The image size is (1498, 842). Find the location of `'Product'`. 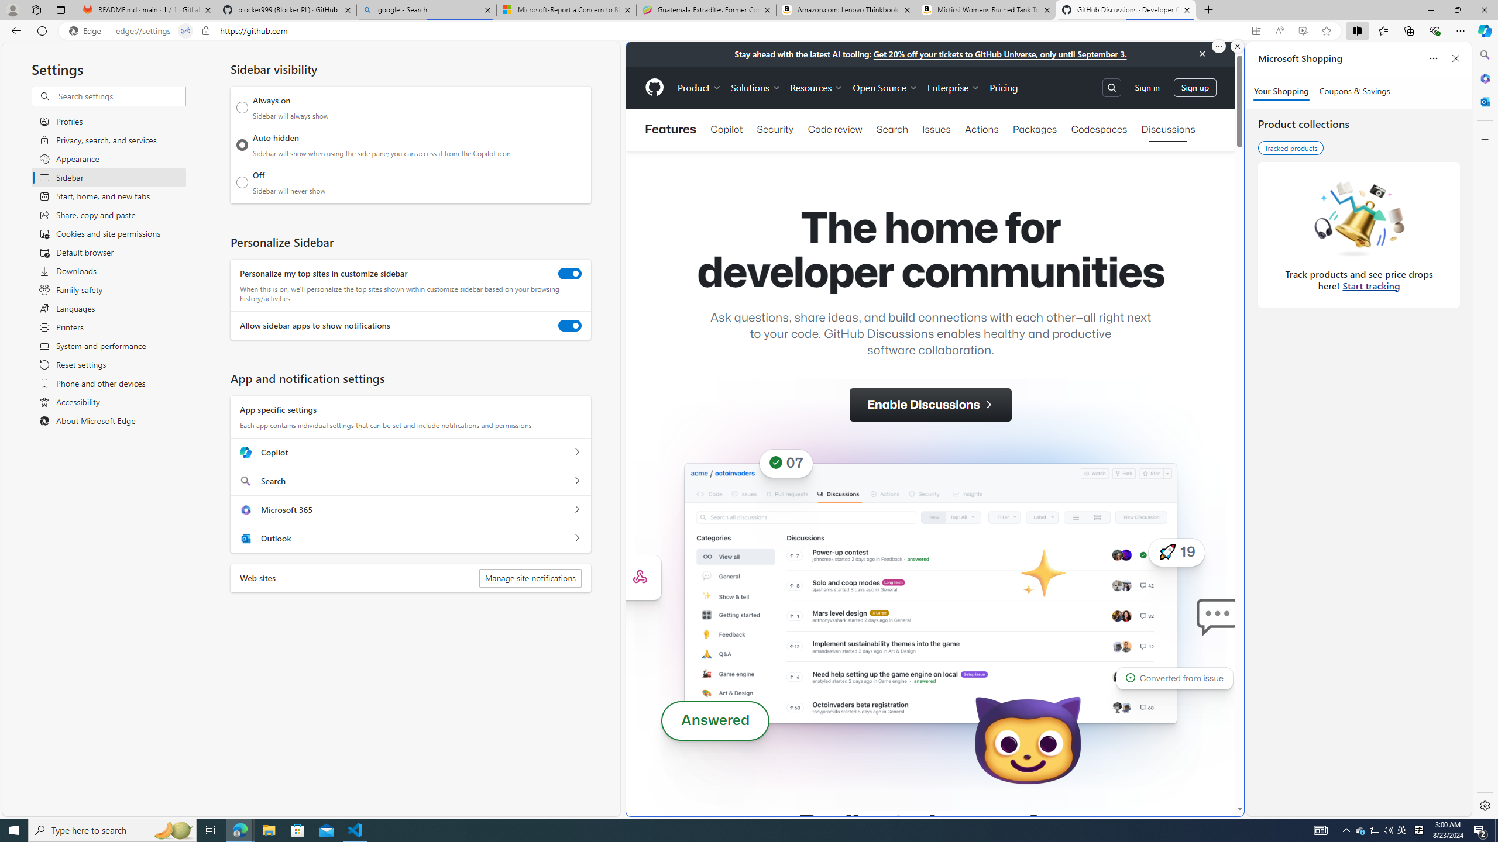

'Product' is located at coordinates (699, 87).